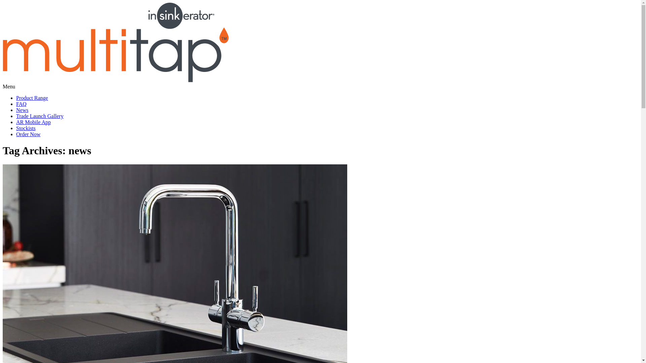 This screenshot has width=646, height=363. What do you see at coordinates (28, 134) in the screenshot?
I see `'Order Now'` at bounding box center [28, 134].